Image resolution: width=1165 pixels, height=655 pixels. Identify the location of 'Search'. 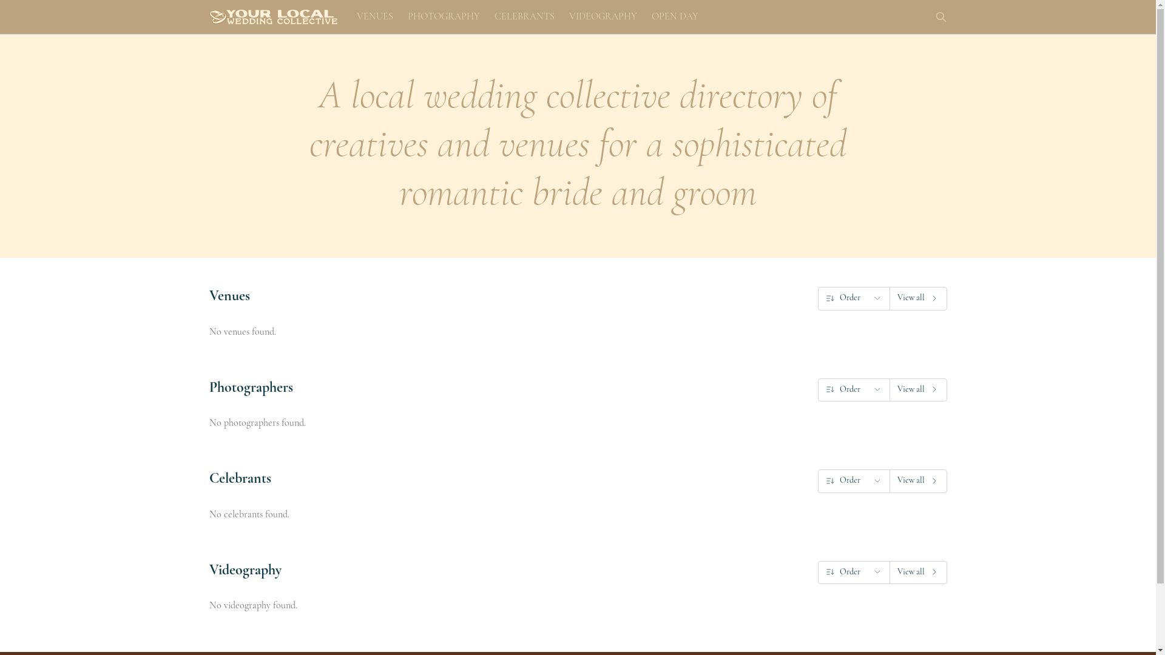
(940, 16).